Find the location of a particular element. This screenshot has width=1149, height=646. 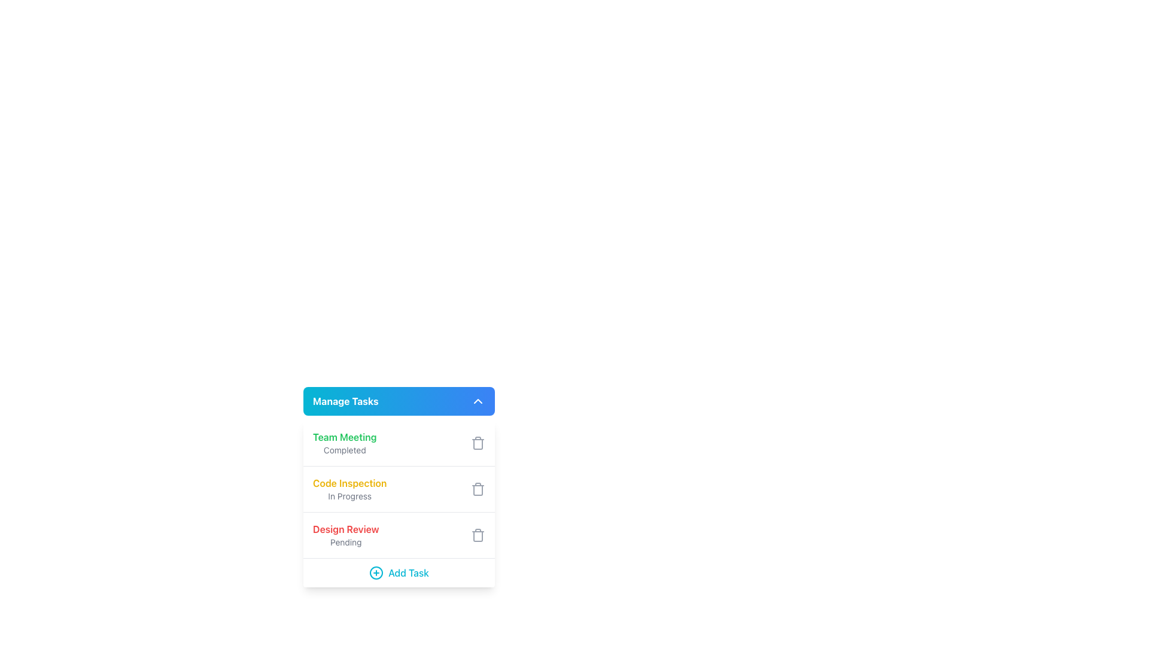

task name and status for the task entry labeled 'Team Meeting' with a status of 'Completed', located in the vertical task list under 'Manage Tasks' is located at coordinates (399, 443).